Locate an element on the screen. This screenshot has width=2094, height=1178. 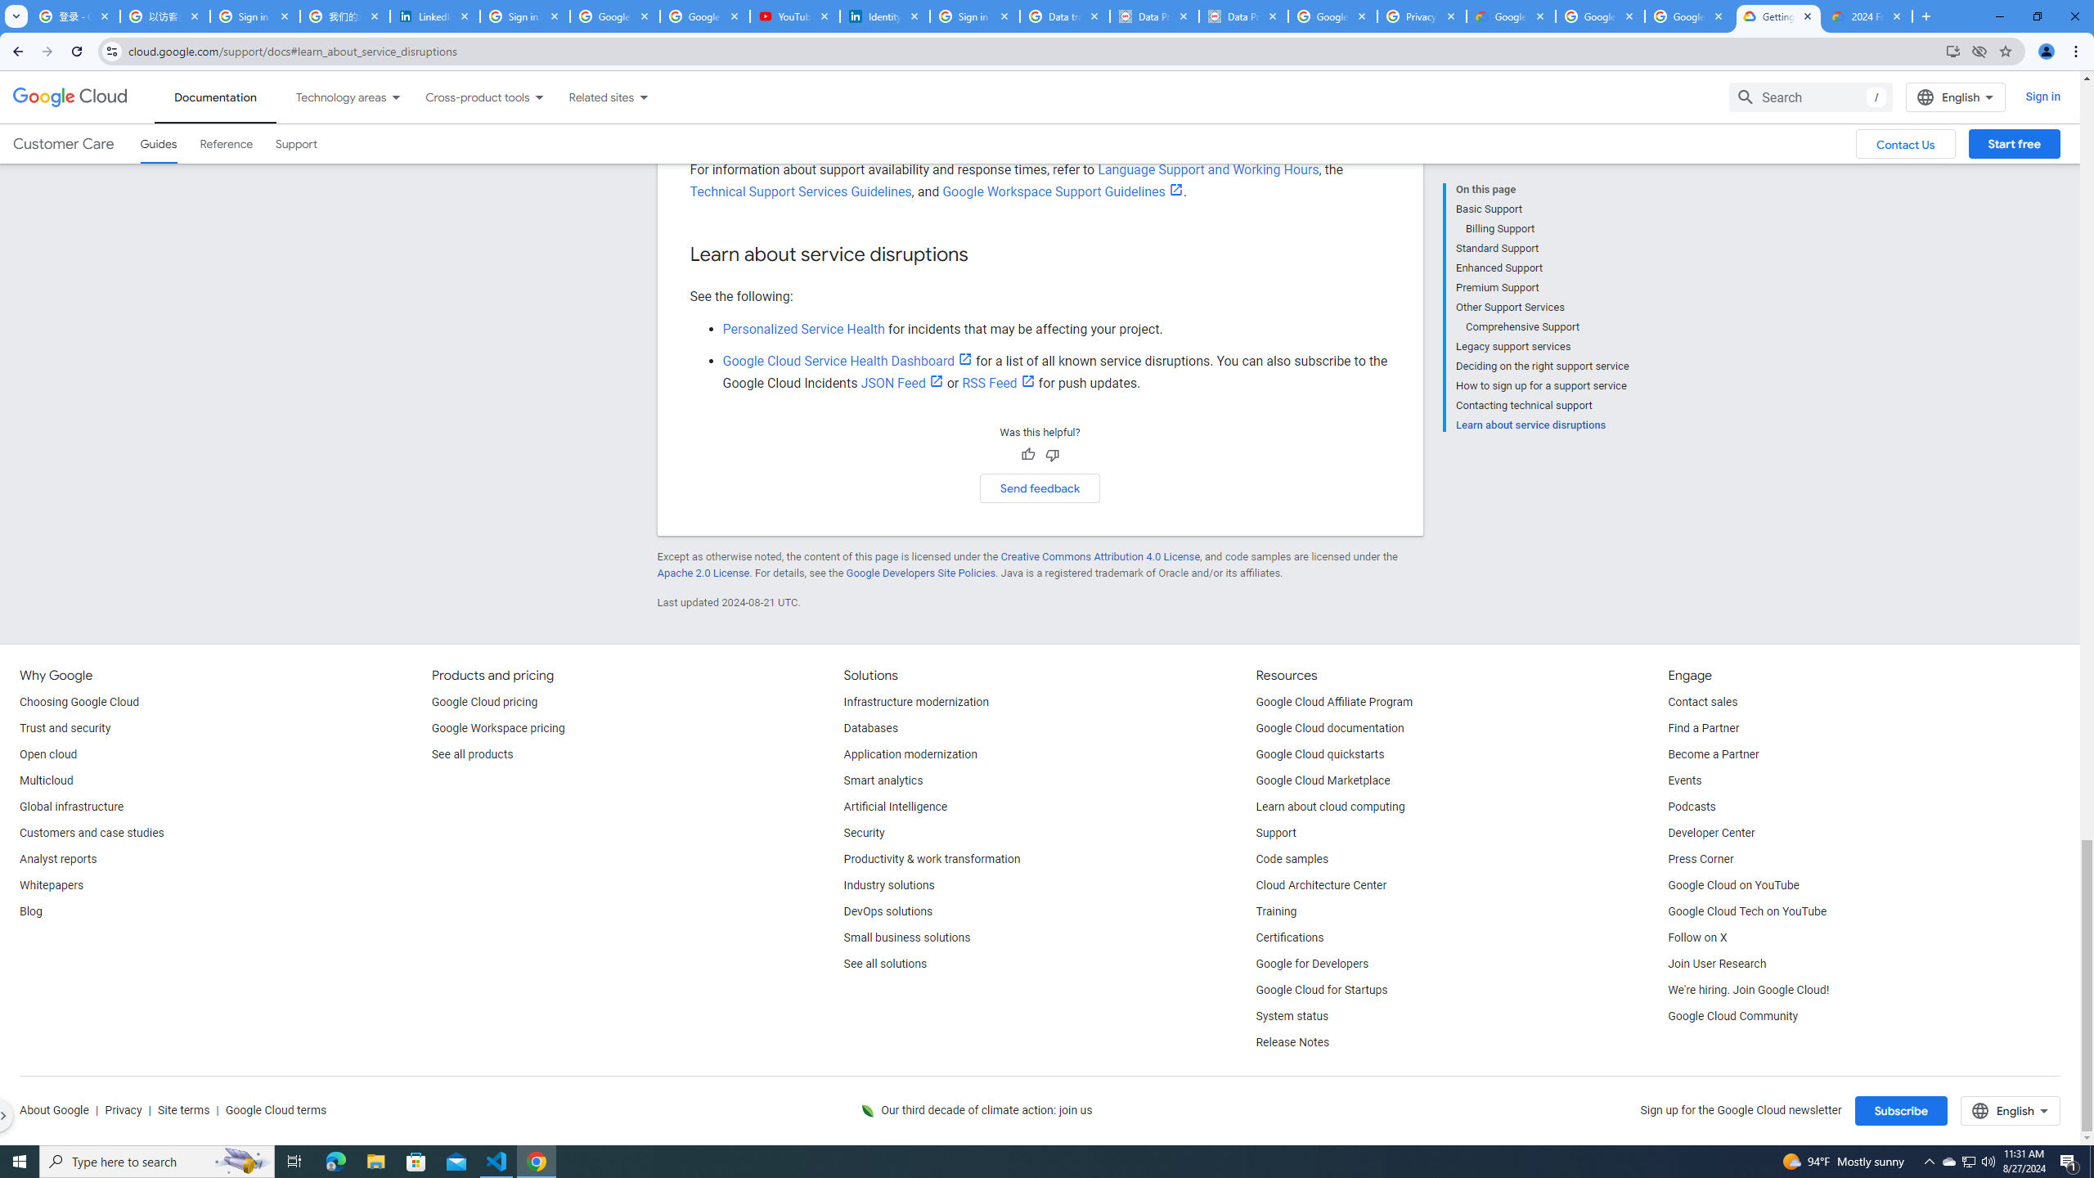
'Release Notes' is located at coordinates (1292, 1043).